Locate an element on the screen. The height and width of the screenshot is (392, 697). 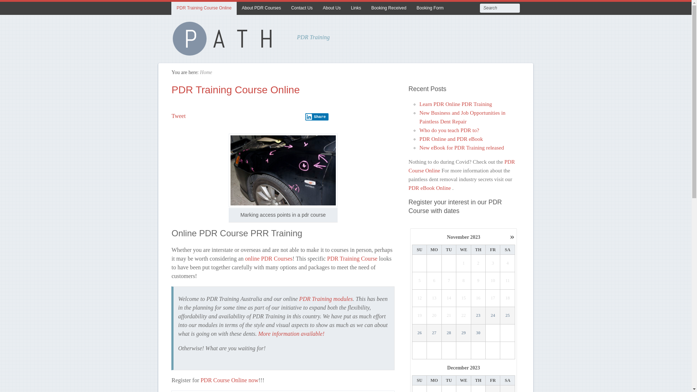
'29' is located at coordinates (463, 333).